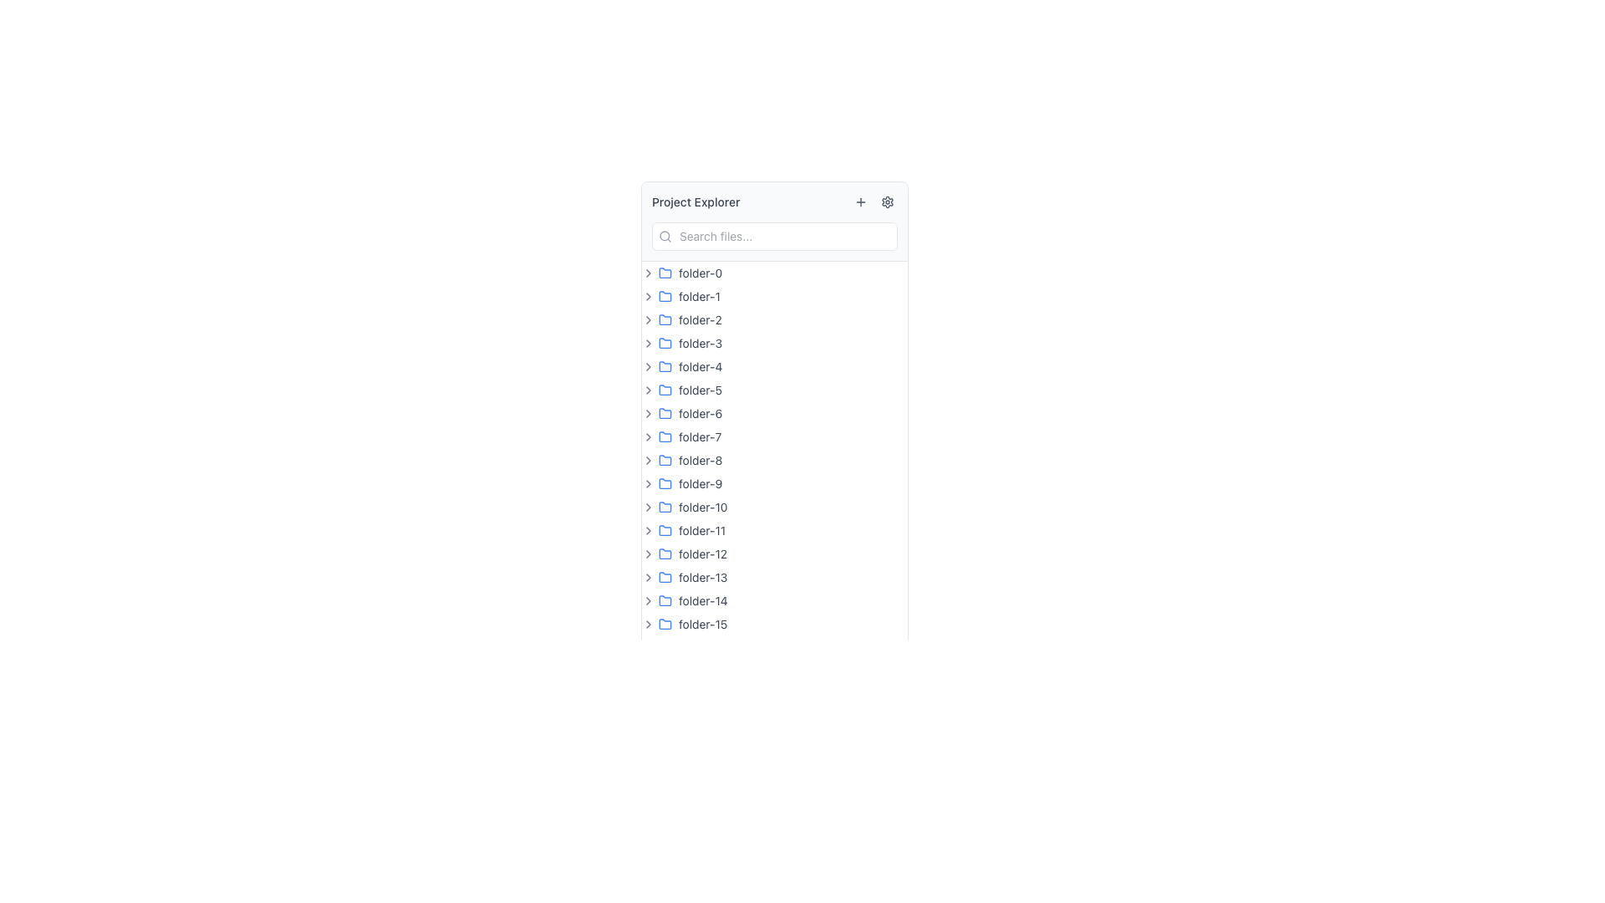 The width and height of the screenshot is (1605, 903). What do you see at coordinates (773, 576) in the screenshot?
I see `the list item representing the folder titled 'folder-13'` at bounding box center [773, 576].